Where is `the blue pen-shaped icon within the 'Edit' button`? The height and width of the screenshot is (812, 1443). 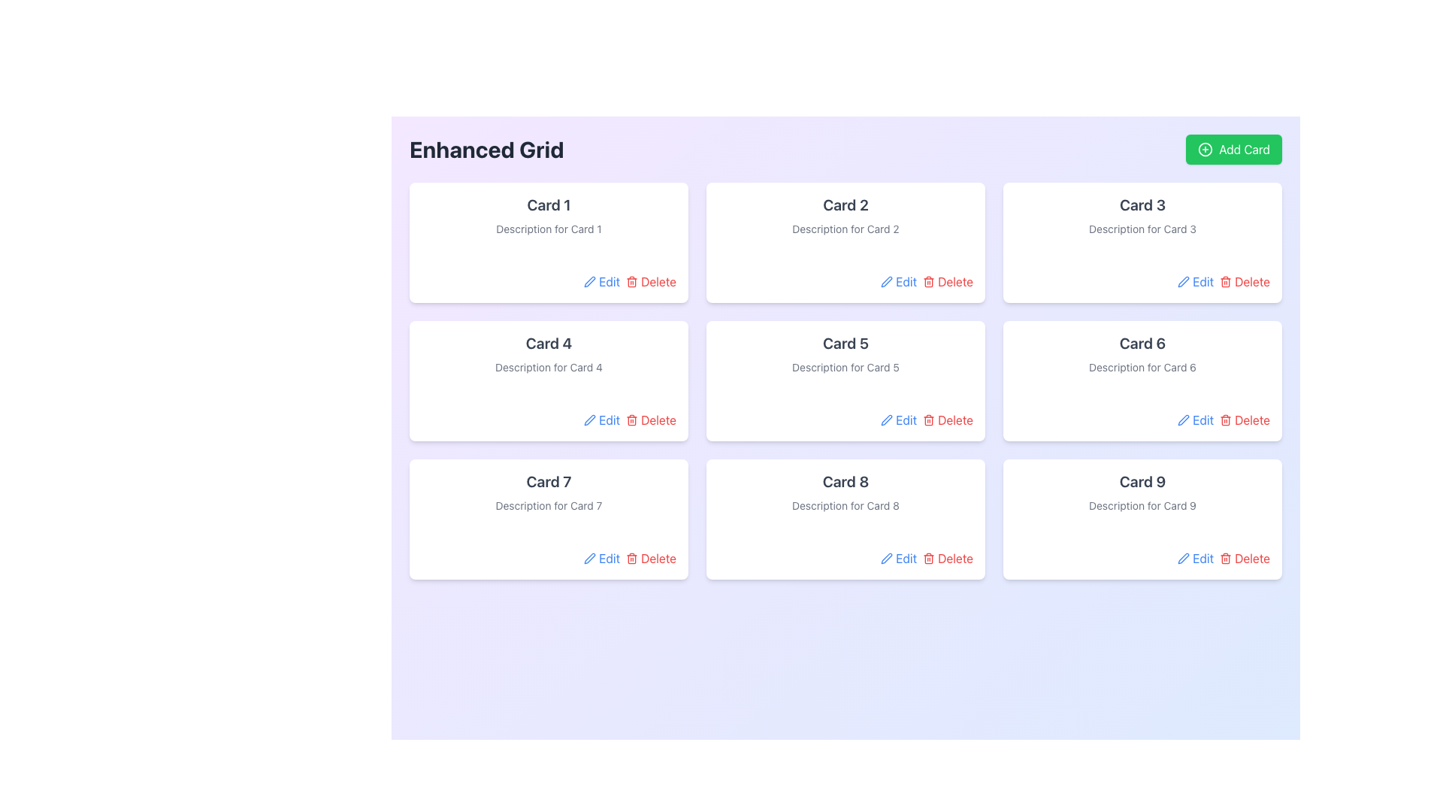 the blue pen-shaped icon within the 'Edit' button is located at coordinates (1182, 420).